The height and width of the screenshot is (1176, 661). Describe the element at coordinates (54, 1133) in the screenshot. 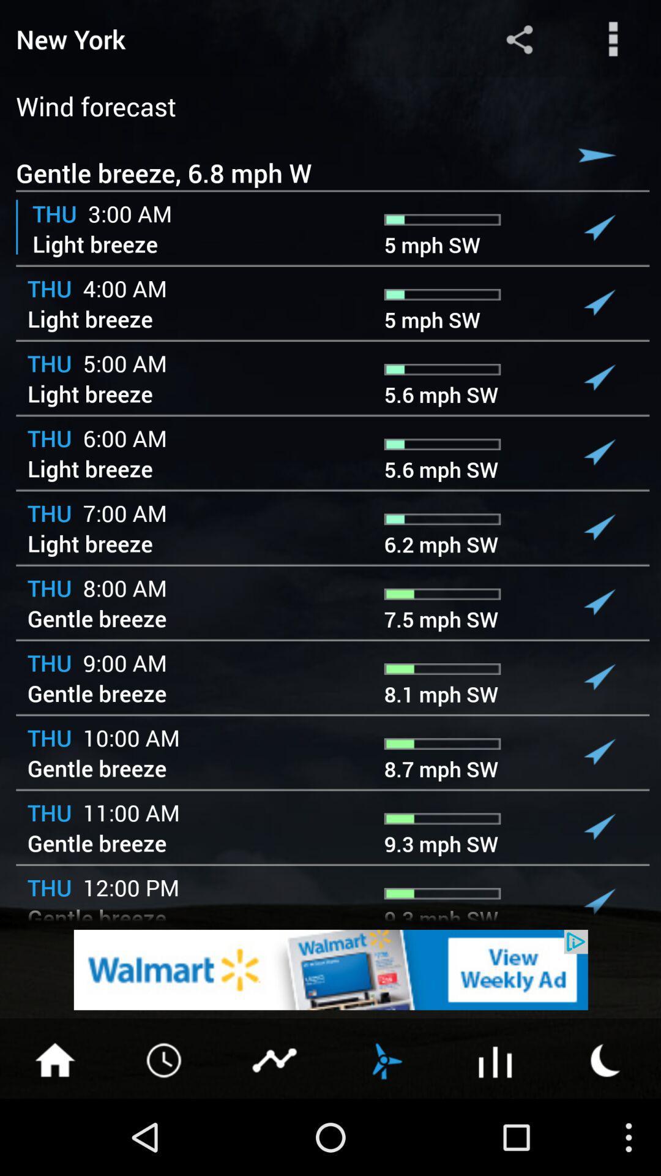

I see `the home icon` at that location.